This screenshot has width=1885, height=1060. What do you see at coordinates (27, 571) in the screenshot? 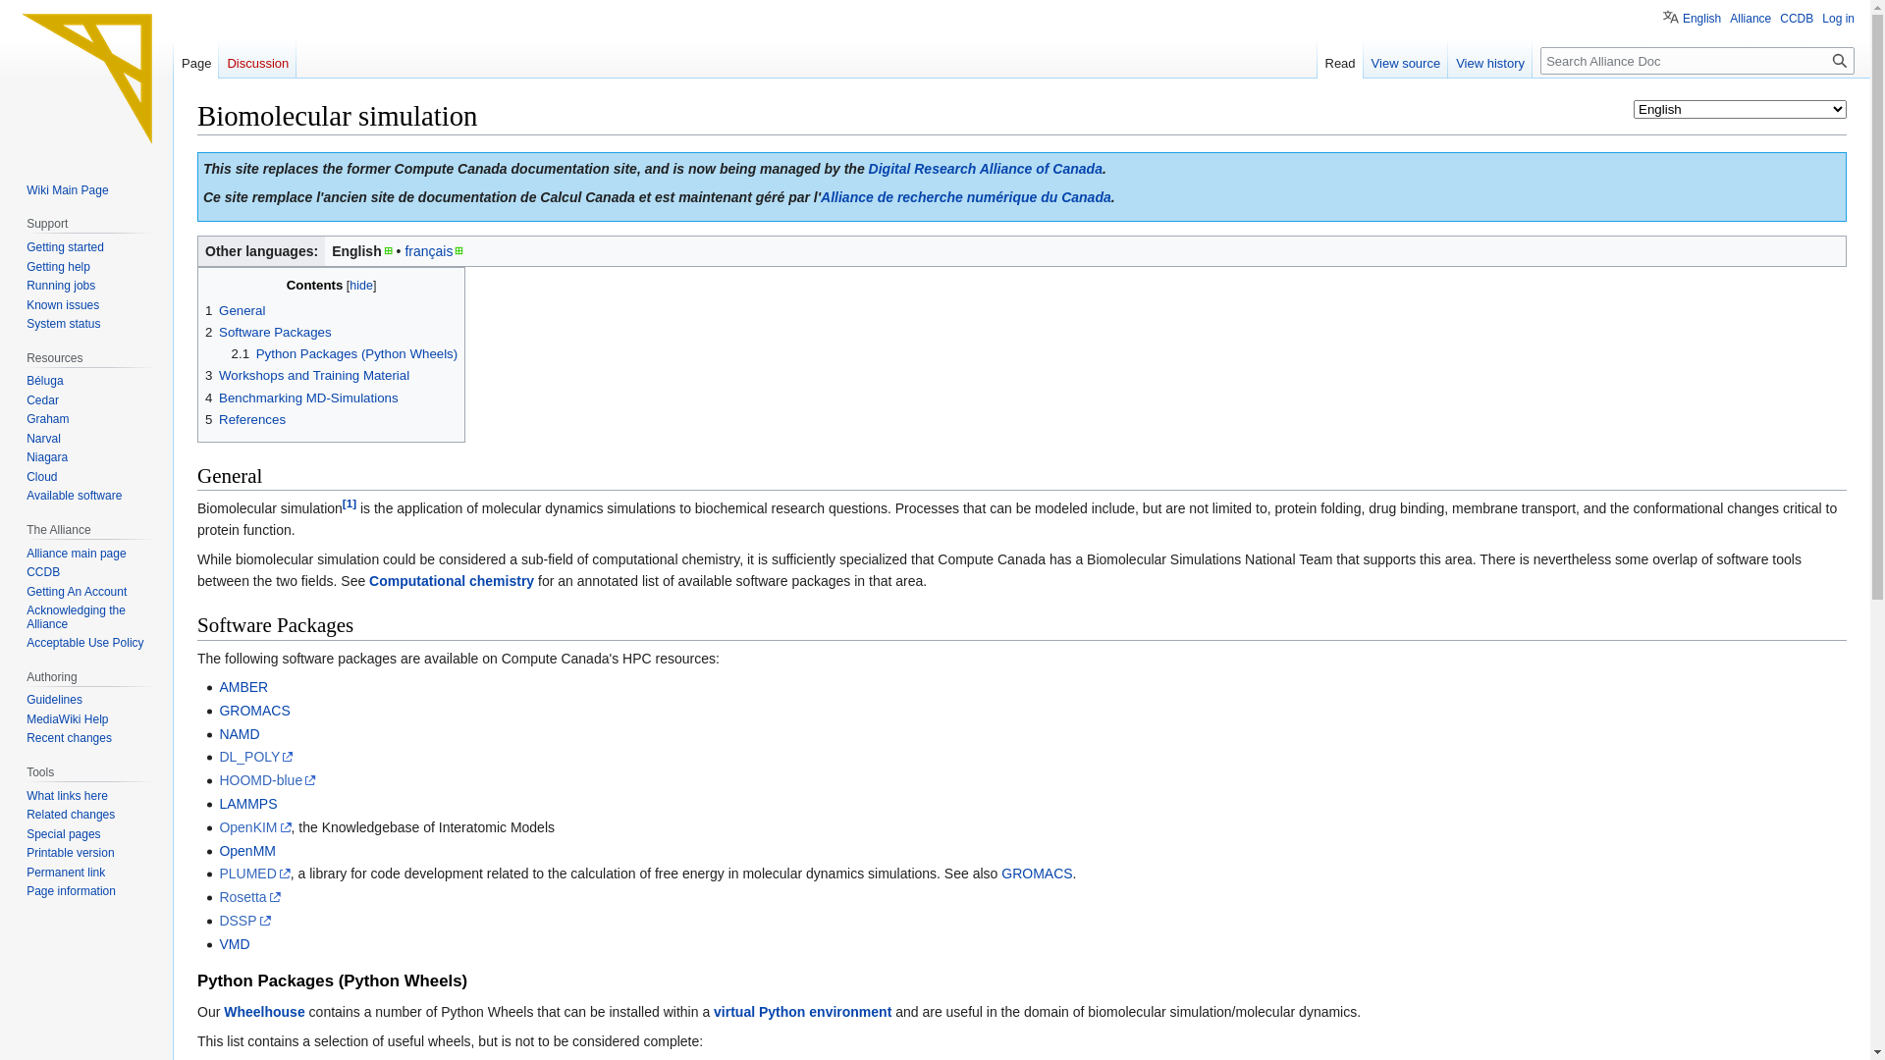
I see `'CCDB'` at bounding box center [27, 571].